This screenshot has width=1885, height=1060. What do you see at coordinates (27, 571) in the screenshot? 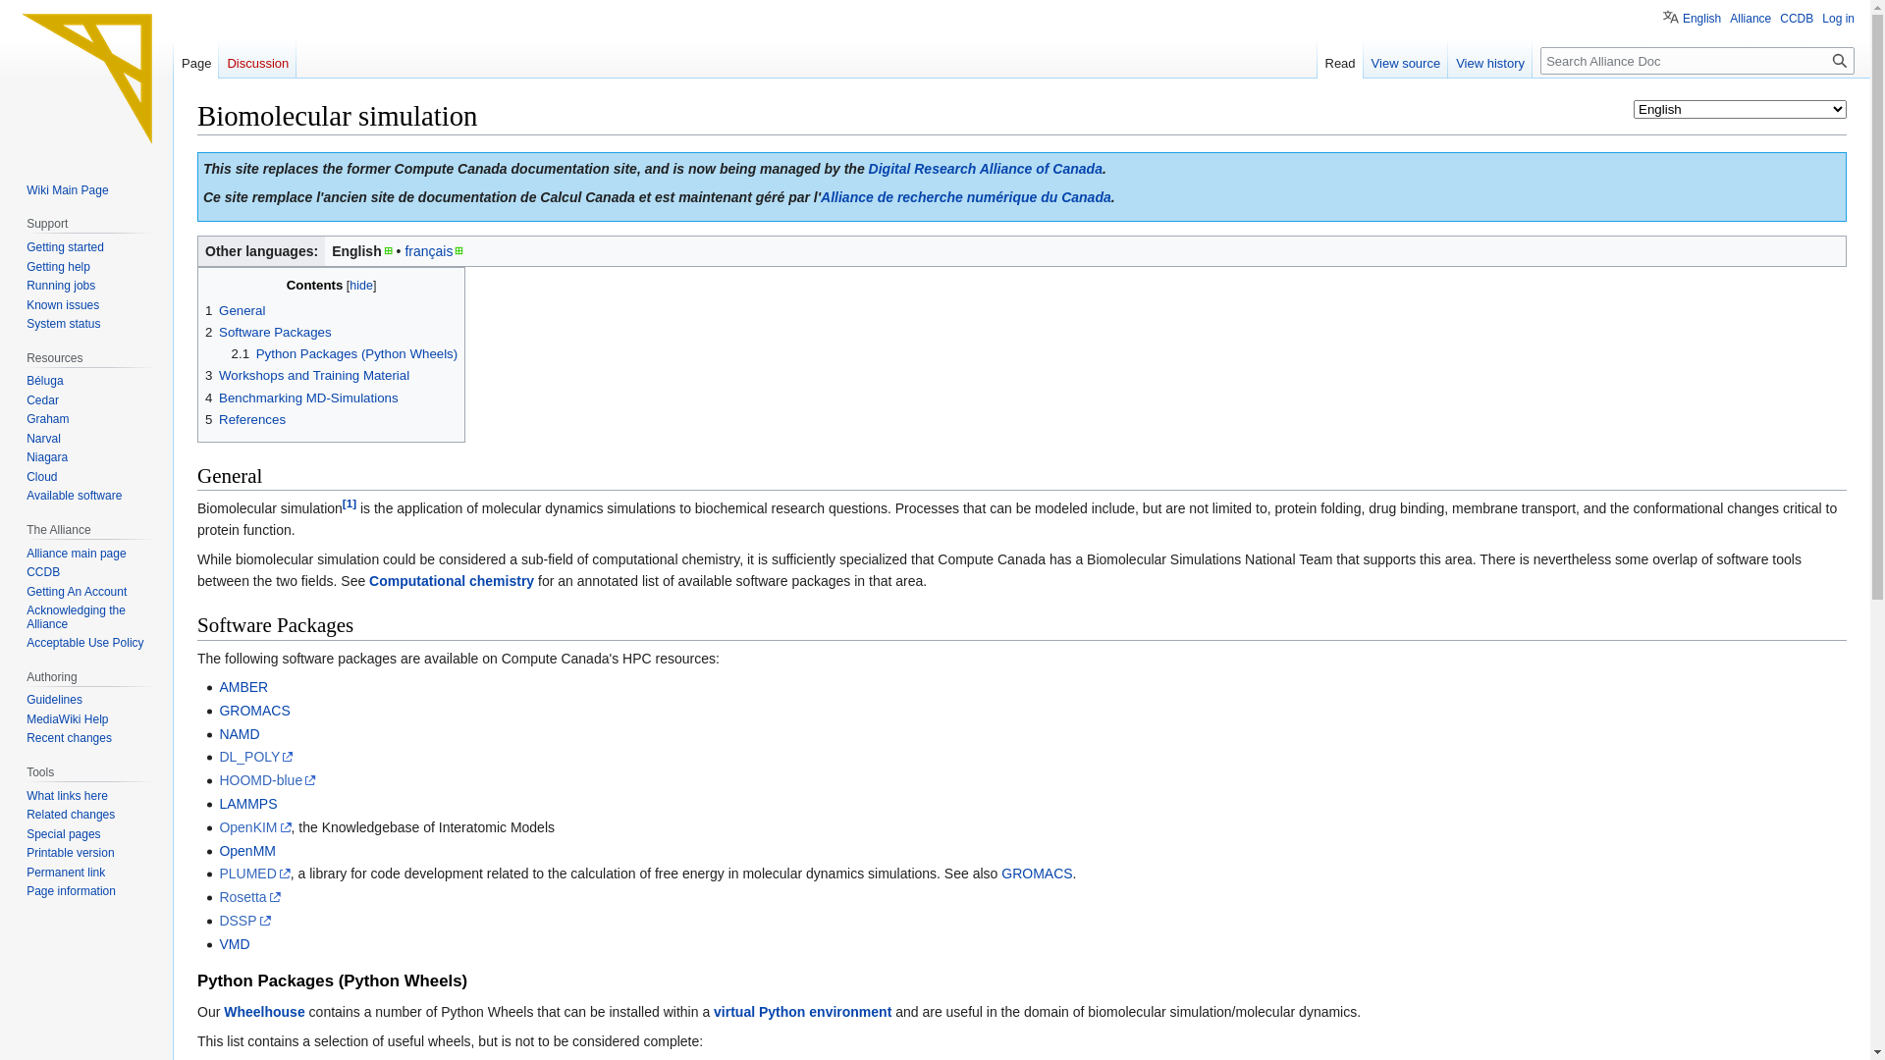
I see `'CCDB'` at bounding box center [27, 571].